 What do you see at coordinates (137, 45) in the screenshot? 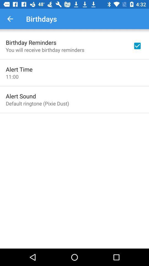
I see `icon next to you will receive icon` at bounding box center [137, 45].